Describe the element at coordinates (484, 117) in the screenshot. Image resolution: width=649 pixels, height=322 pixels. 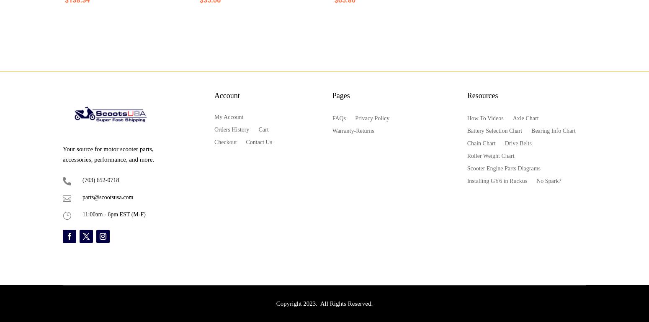
I see `'How To Videos'` at that location.